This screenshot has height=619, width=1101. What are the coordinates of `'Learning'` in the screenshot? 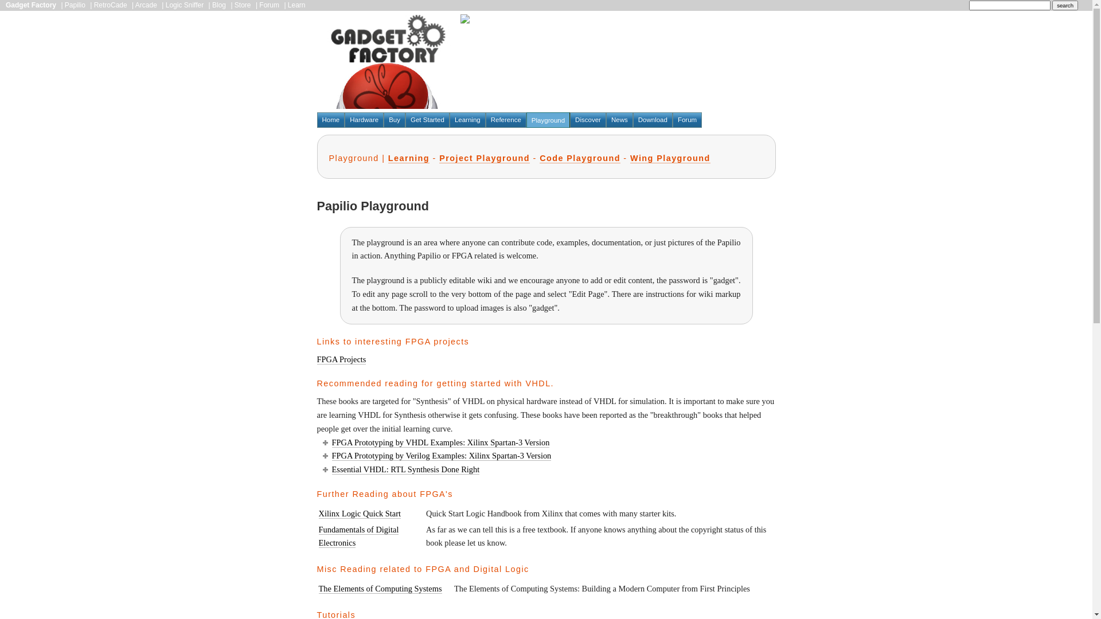 It's located at (409, 158).